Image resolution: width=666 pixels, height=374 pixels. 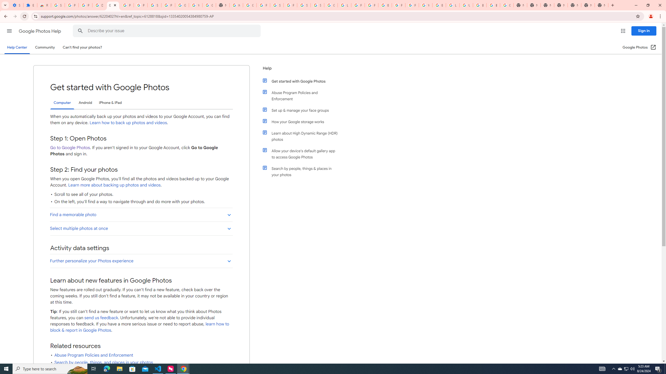 What do you see at coordinates (114, 185) in the screenshot?
I see `'Learn more about backing up photos and videos'` at bounding box center [114, 185].